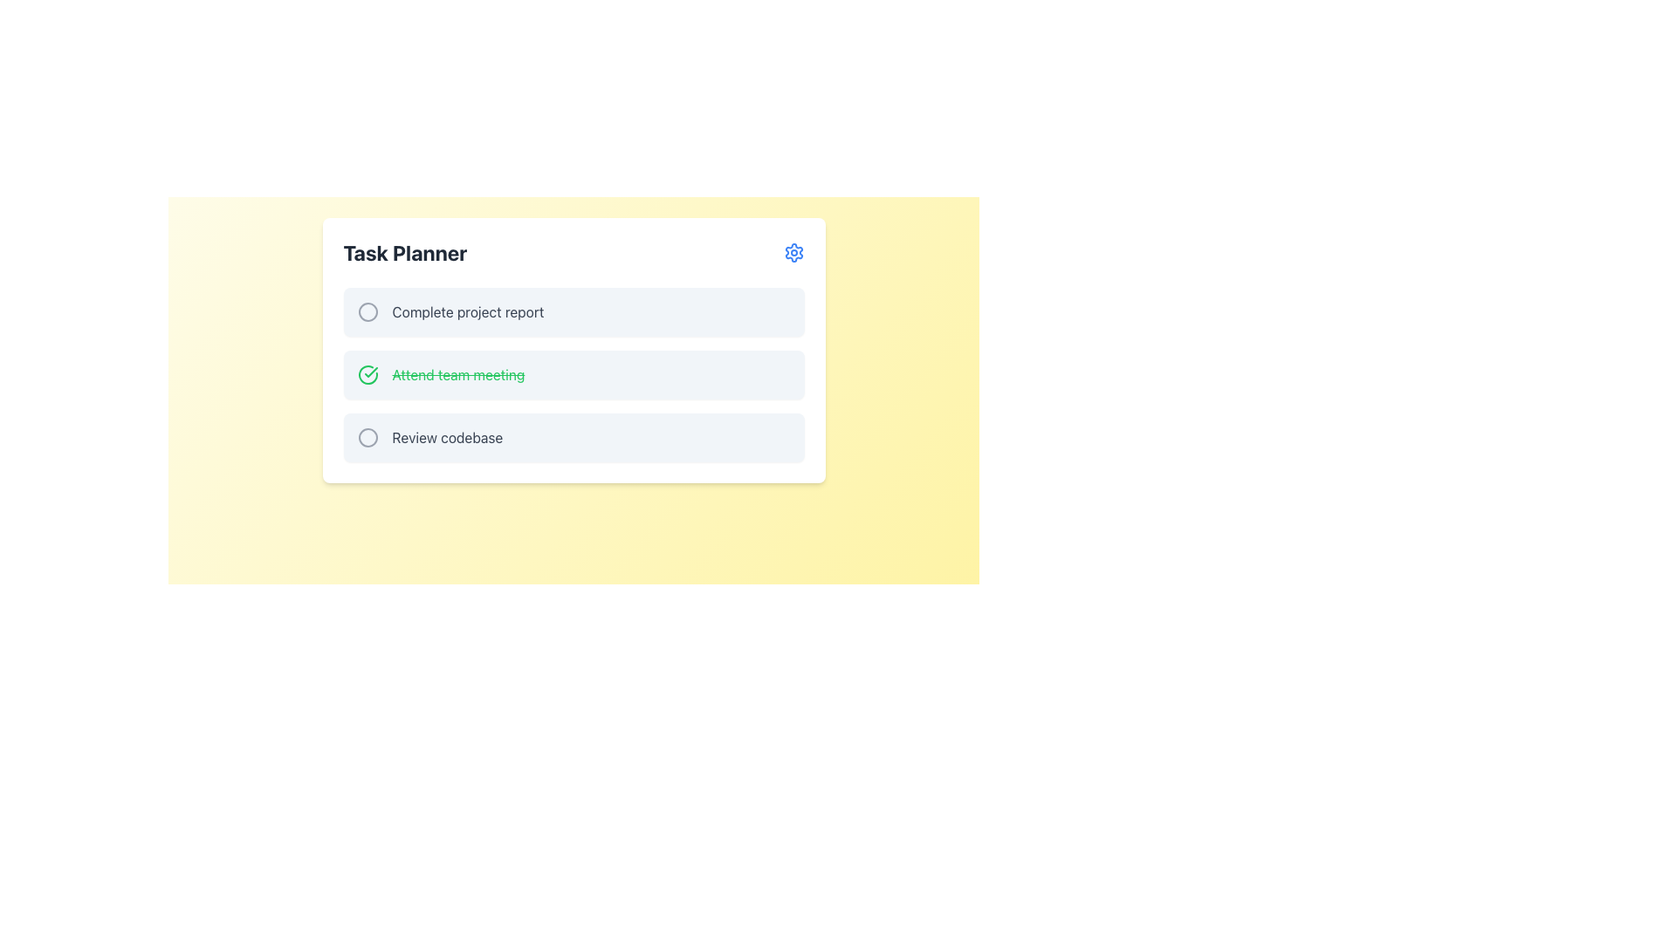  Describe the element at coordinates (458, 373) in the screenshot. I see `the completed task text label that reads 'Attend team meeting', styled with a line-through effect and colored green, located in the second task row of the 'Task Planner' interface` at that location.